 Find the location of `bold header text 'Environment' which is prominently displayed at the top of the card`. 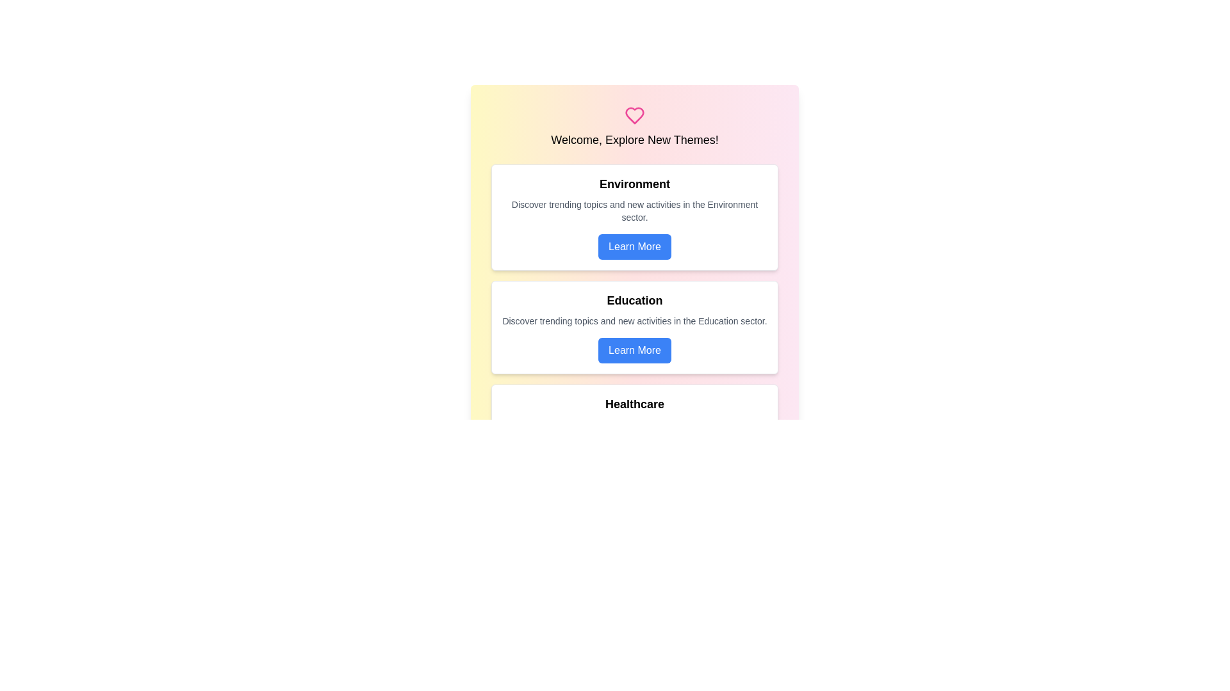

bold header text 'Environment' which is prominently displayed at the top of the card is located at coordinates (634, 184).